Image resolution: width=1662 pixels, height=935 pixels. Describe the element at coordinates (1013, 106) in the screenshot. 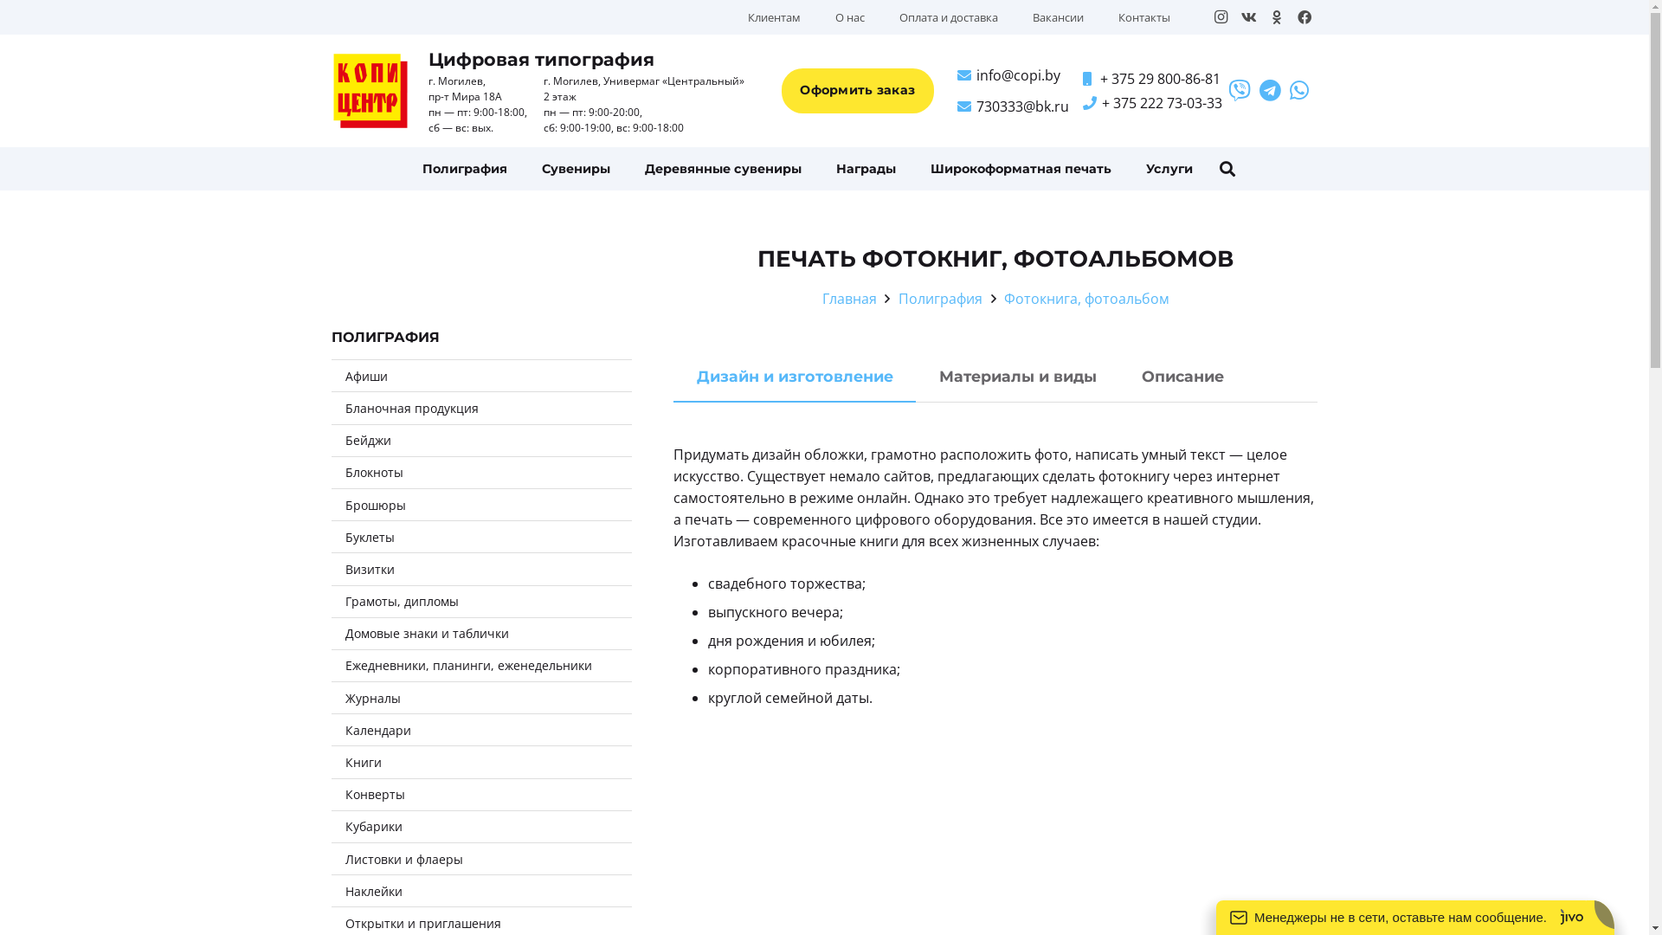

I see `'730333@bk.ru'` at that location.